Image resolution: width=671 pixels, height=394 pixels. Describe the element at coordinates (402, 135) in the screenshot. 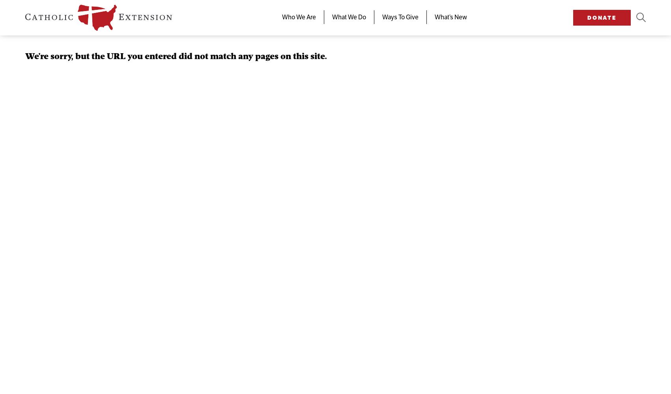

I see `'Parish Partners'` at that location.